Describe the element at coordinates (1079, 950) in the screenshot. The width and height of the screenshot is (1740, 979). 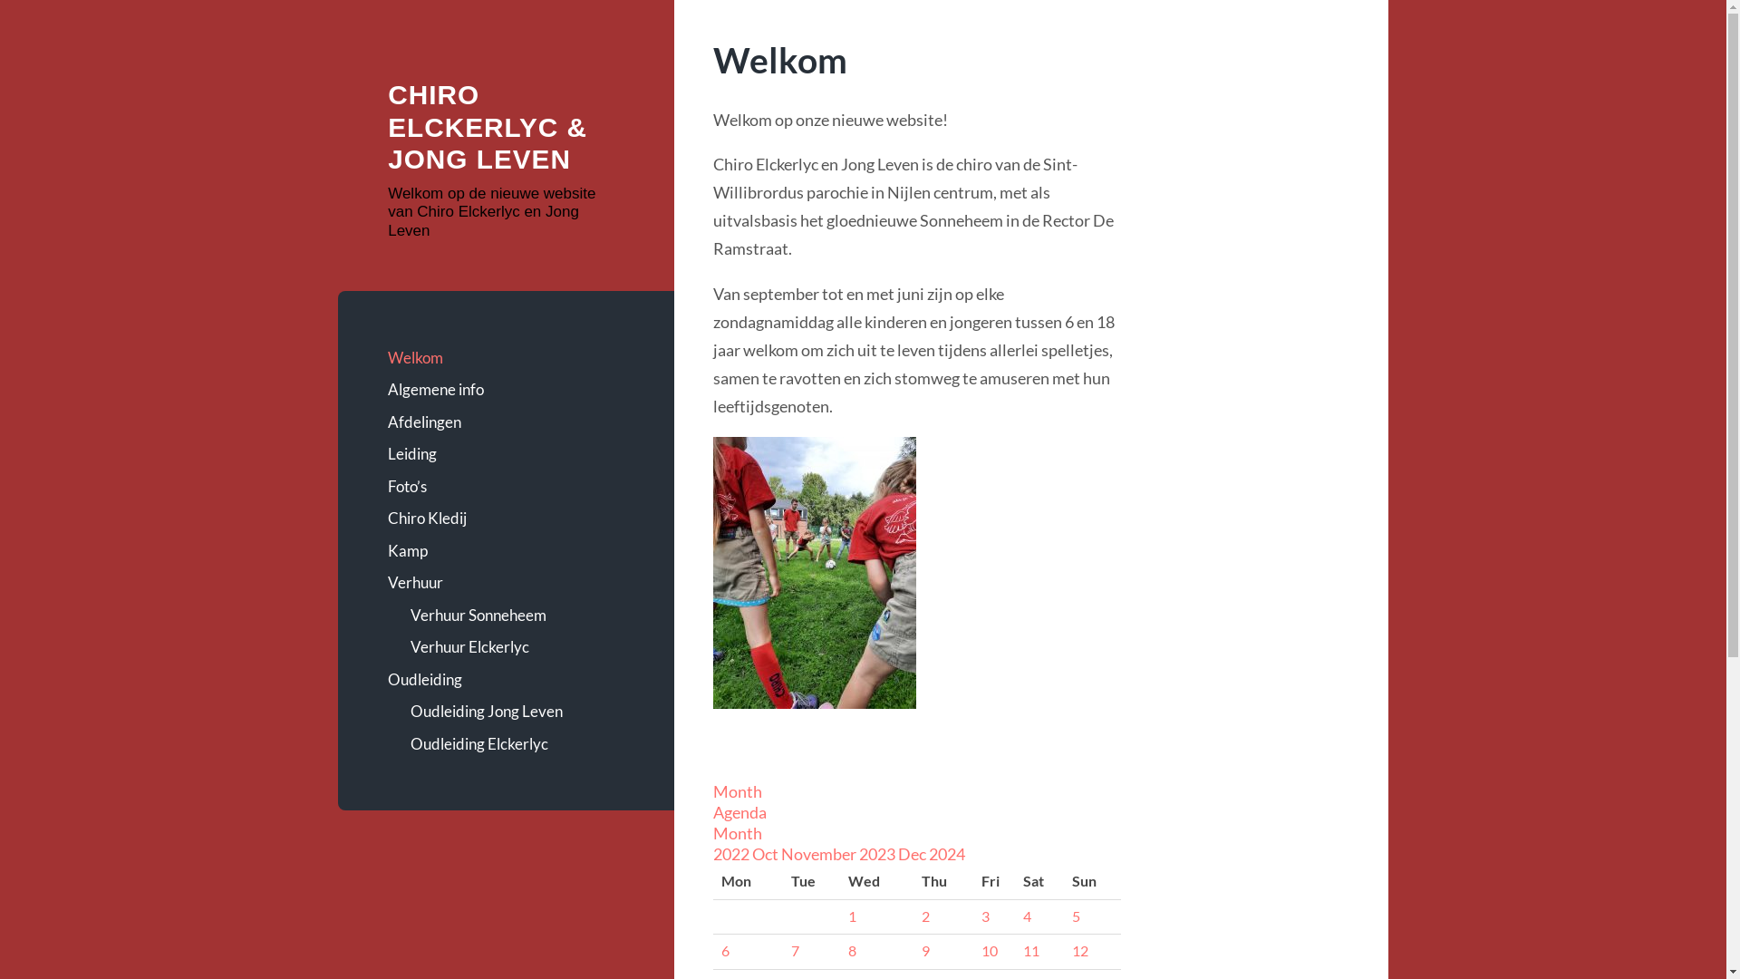
I see `'12'` at that location.